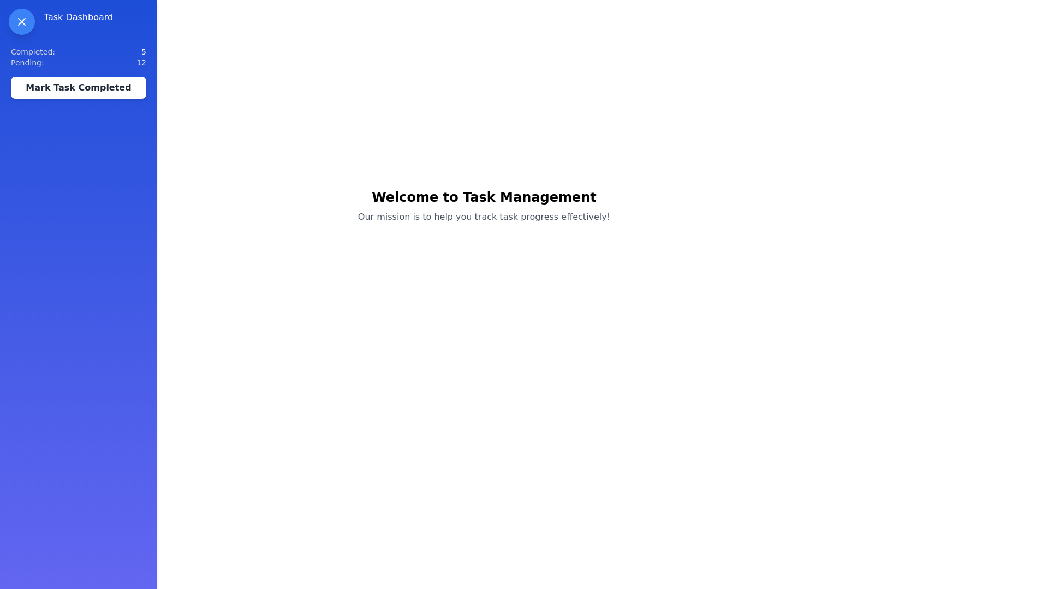 This screenshot has width=1048, height=589. Describe the element at coordinates (21, 21) in the screenshot. I see `the toggle button located at the top-left corner of the interface to toggle the visibility of the Task Management Drawer` at that location.